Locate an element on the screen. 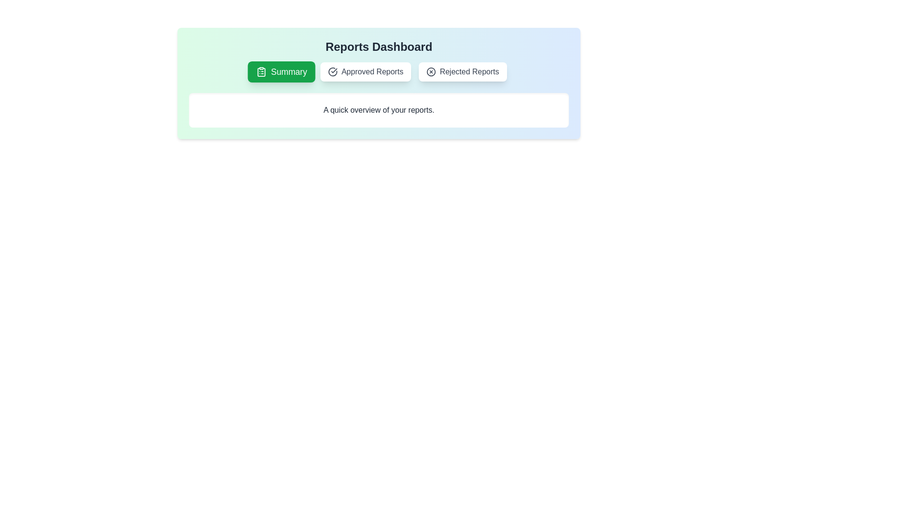  the tab labeled Approved Reports is located at coordinates (365, 71).